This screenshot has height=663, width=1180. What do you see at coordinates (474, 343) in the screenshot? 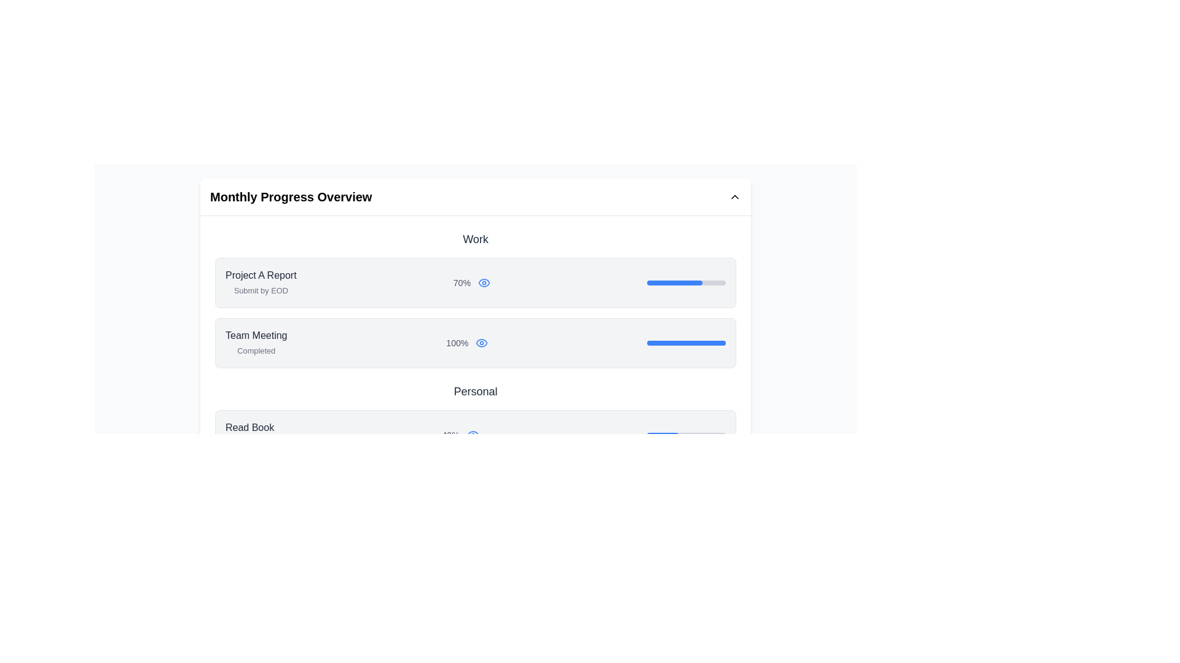
I see `the details of the completed task named 'Team Meeting' represented by the Task summary card, which is the second card in the 'Work' group` at bounding box center [474, 343].